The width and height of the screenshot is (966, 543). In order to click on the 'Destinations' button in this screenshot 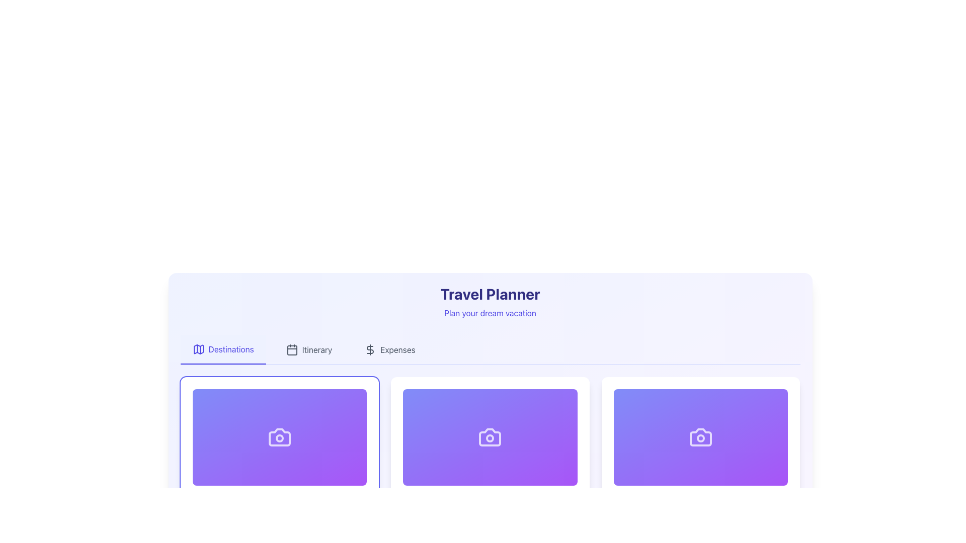, I will do `click(222, 349)`.